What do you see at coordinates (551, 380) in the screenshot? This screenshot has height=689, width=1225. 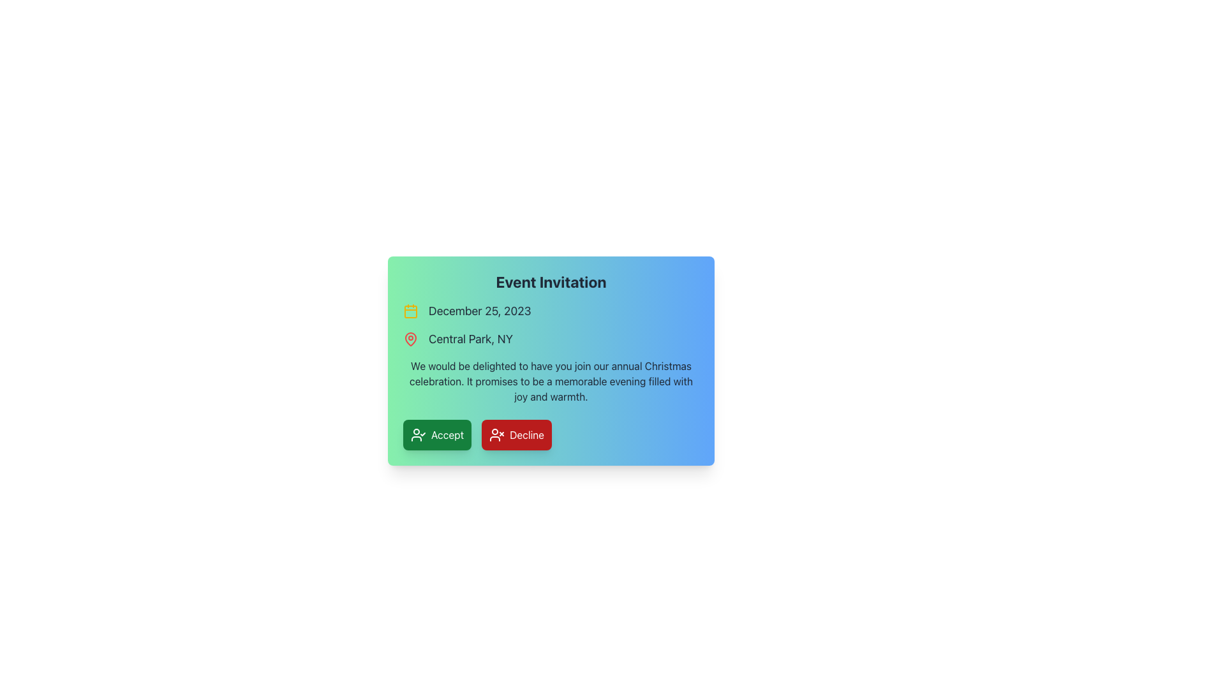 I see `detailed information provided in the multiline informational text block located below 'Central Park, NY' and above the 'Accept' and 'Decline' buttons` at bounding box center [551, 380].